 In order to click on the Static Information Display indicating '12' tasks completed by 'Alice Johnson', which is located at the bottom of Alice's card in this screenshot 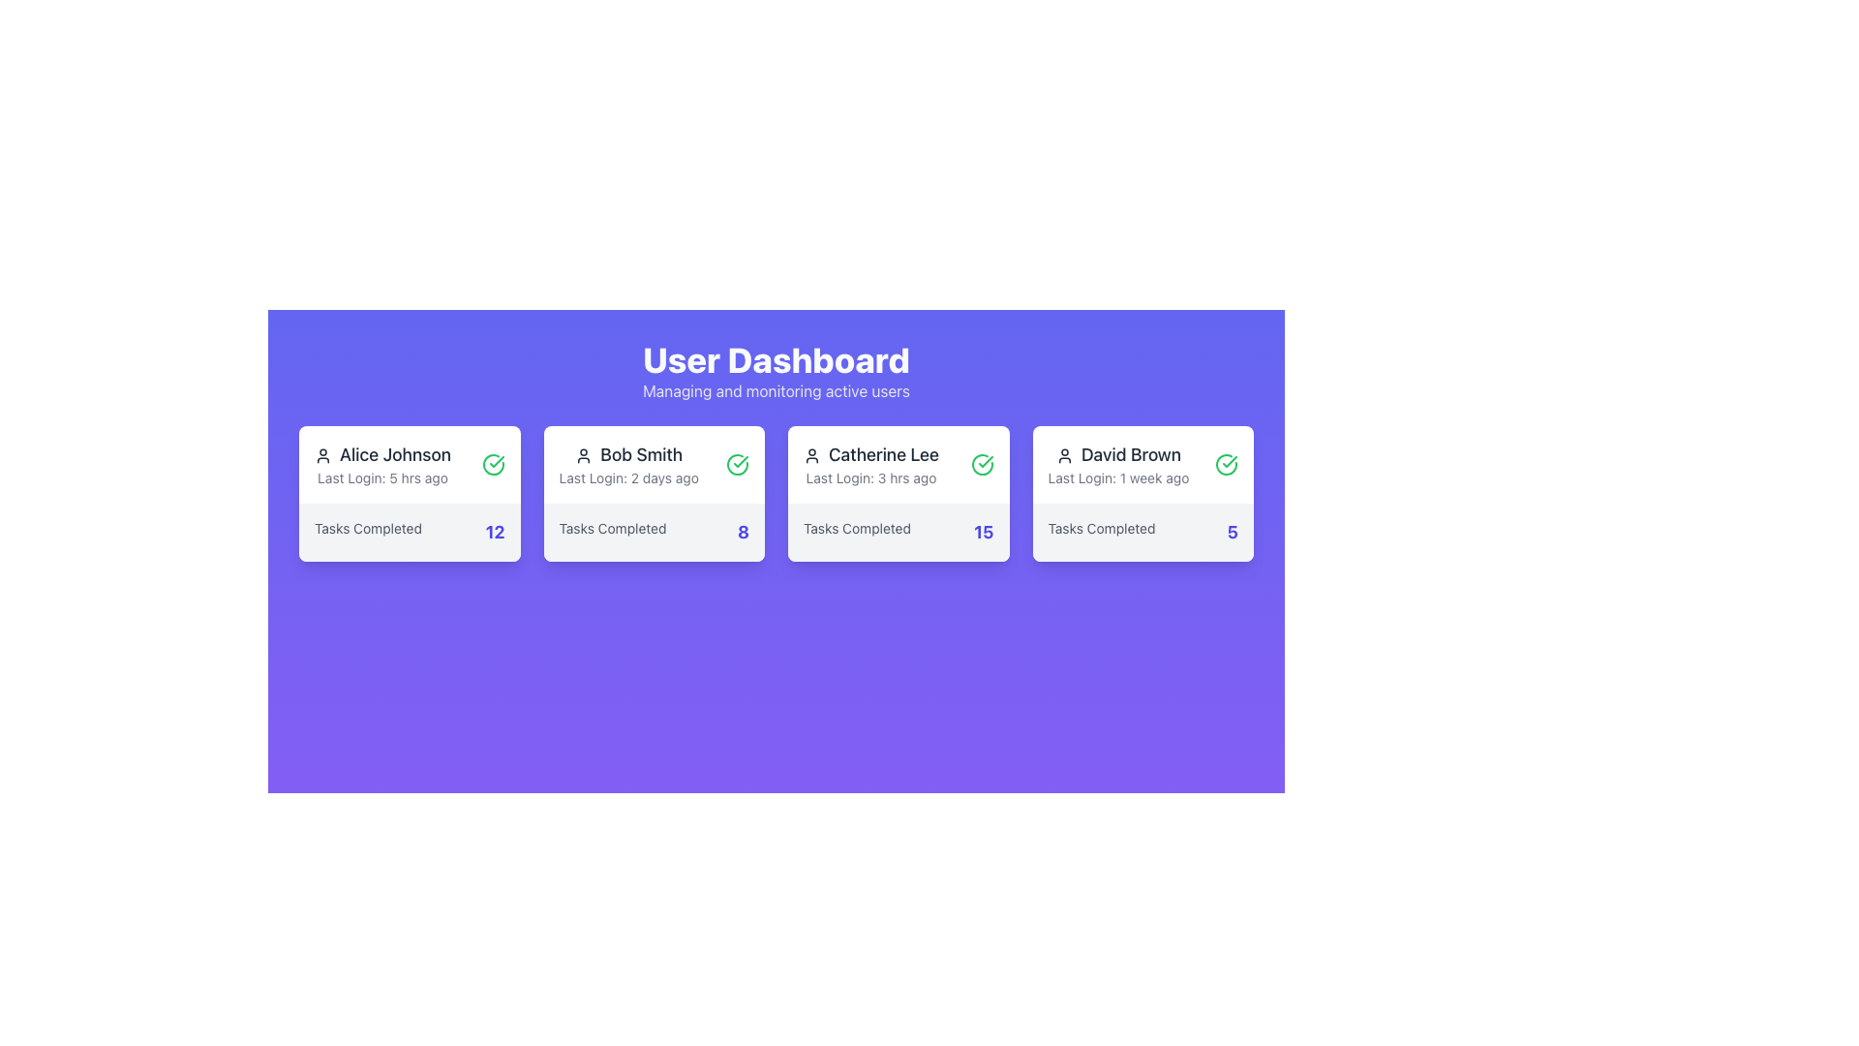, I will do `click(409, 533)`.